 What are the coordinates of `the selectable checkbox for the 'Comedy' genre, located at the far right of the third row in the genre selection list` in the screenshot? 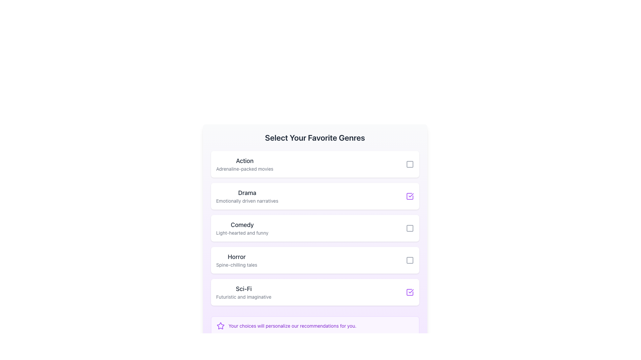 It's located at (409, 228).